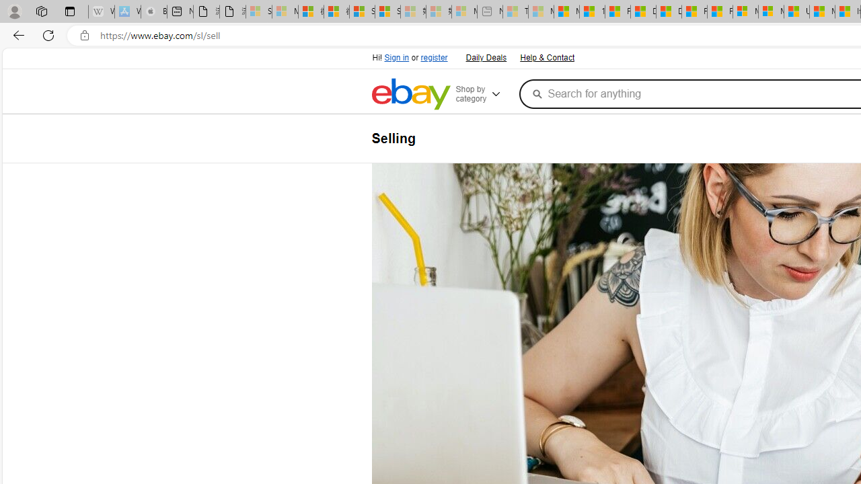 This screenshot has height=484, width=861. Describe the element at coordinates (719, 11) in the screenshot. I see `'Foo BAR | Trusted Community Engagement and Contributions'` at that location.